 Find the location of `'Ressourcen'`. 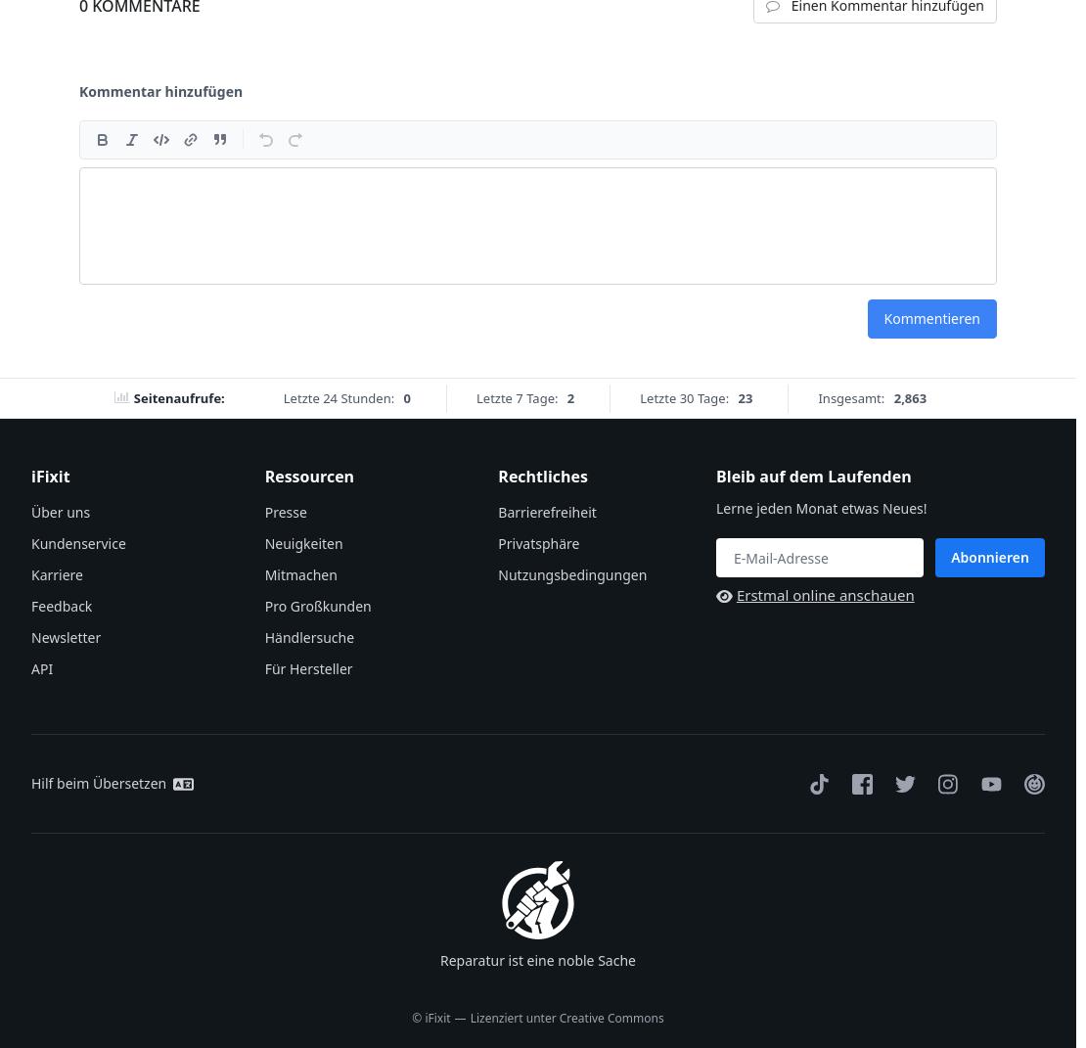

'Ressourcen' is located at coordinates (308, 475).